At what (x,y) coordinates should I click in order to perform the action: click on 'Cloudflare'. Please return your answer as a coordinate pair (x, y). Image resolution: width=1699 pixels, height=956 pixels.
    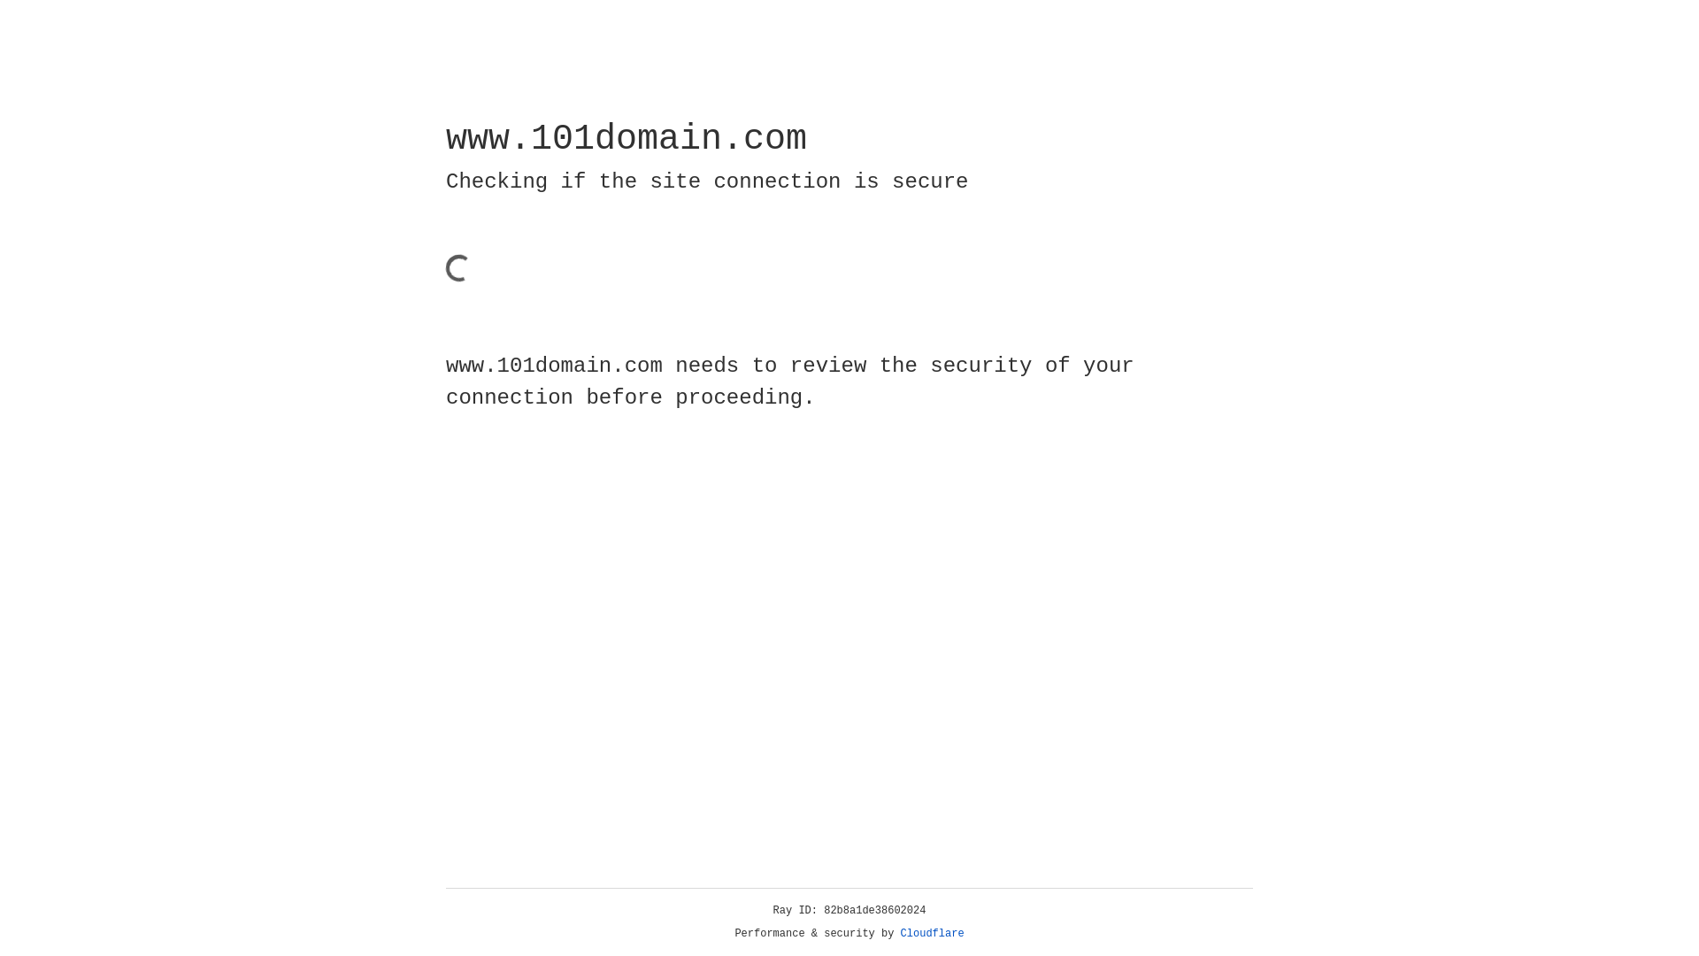
    Looking at the image, I should click on (932, 933).